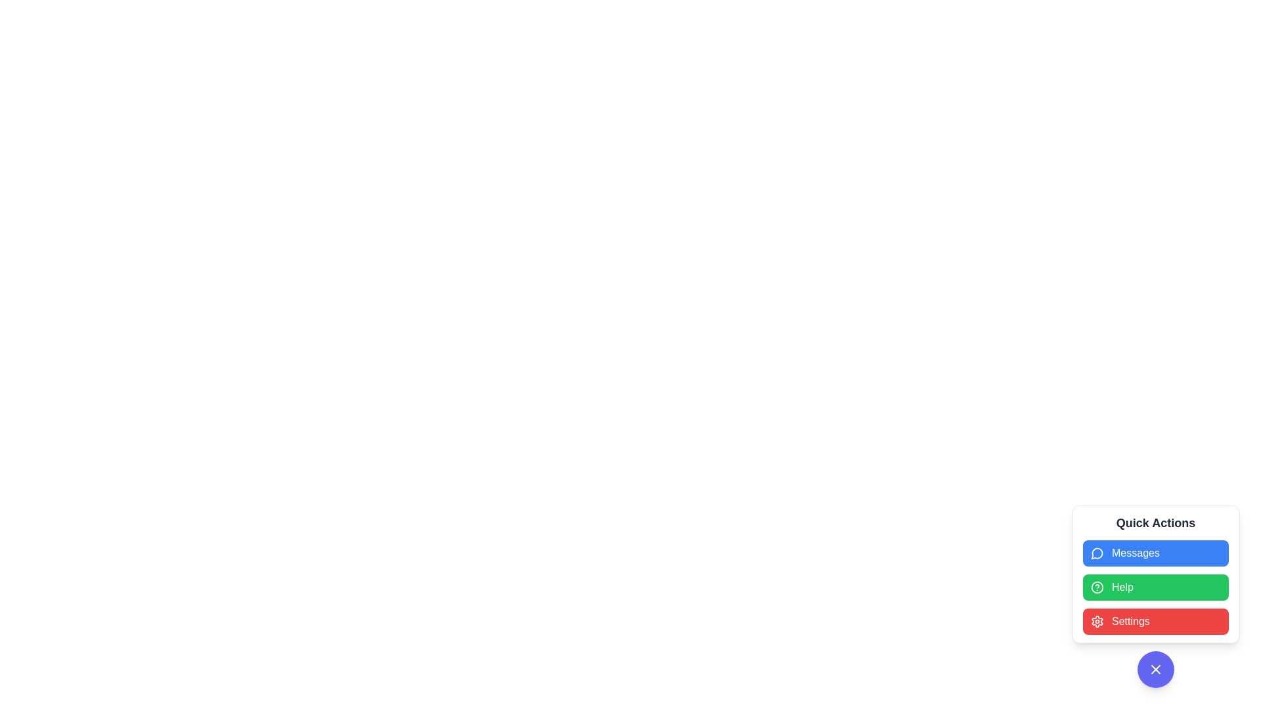 The image size is (1261, 709). What do you see at coordinates (1097, 586) in the screenshot?
I see `the 'Help' button which contains a white question mark icon on a green background for accessibility` at bounding box center [1097, 586].